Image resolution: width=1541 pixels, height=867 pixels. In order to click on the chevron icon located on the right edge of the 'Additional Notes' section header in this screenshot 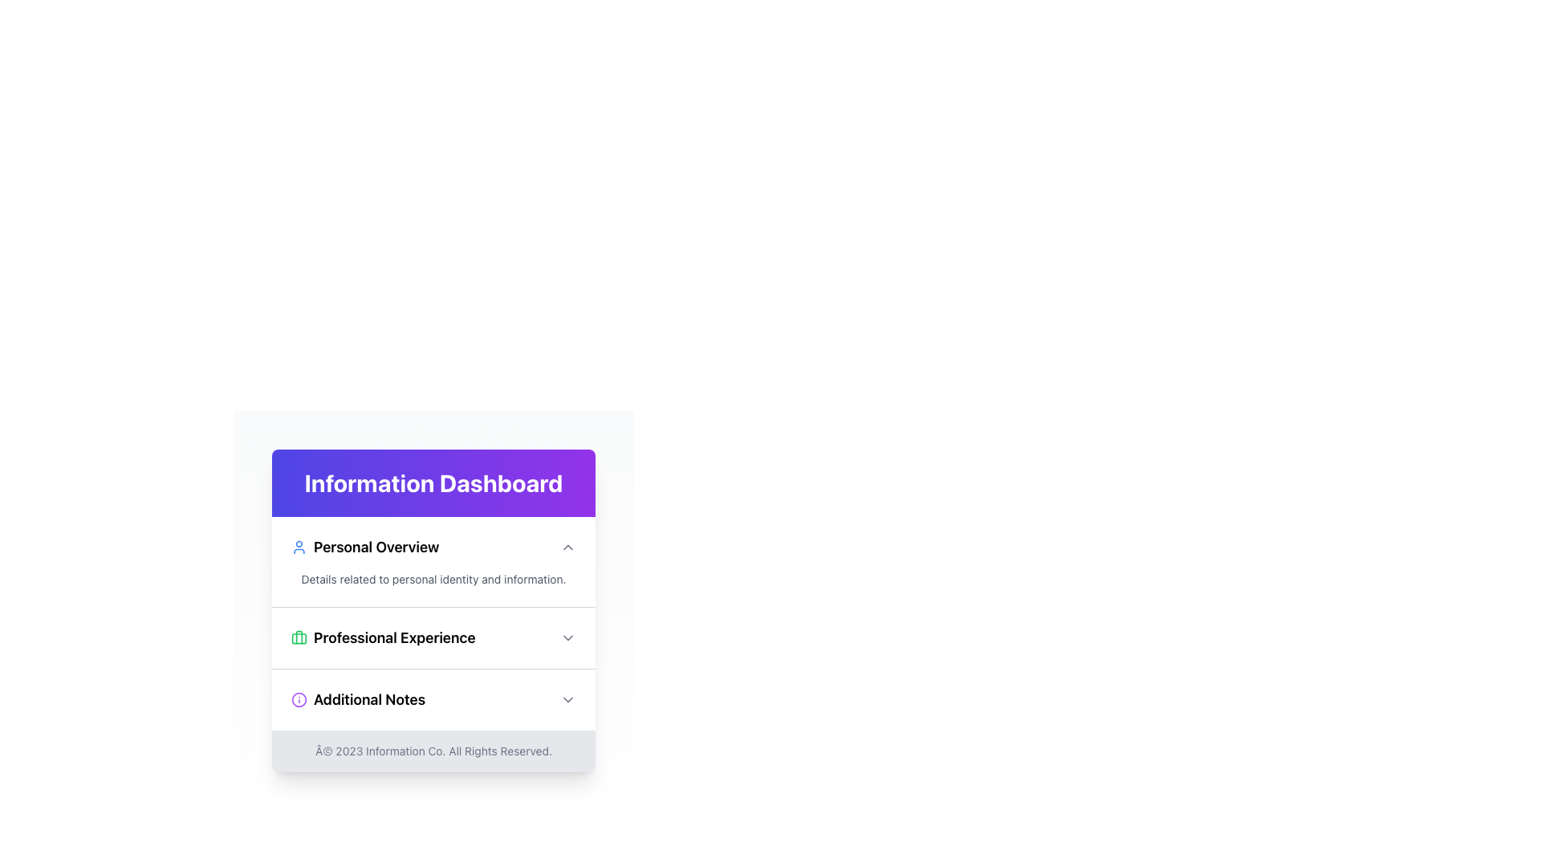, I will do `click(568, 698)`.